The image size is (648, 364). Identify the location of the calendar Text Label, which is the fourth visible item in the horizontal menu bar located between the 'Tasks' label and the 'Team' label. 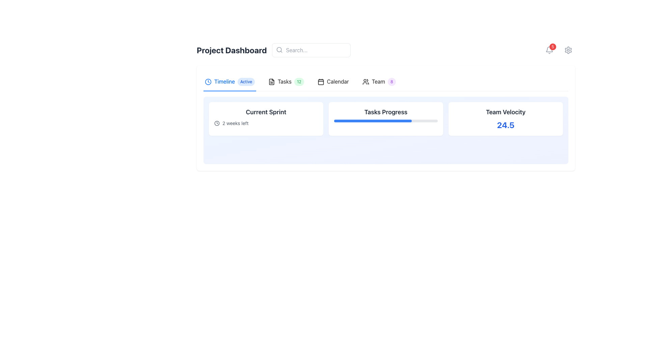
(338, 81).